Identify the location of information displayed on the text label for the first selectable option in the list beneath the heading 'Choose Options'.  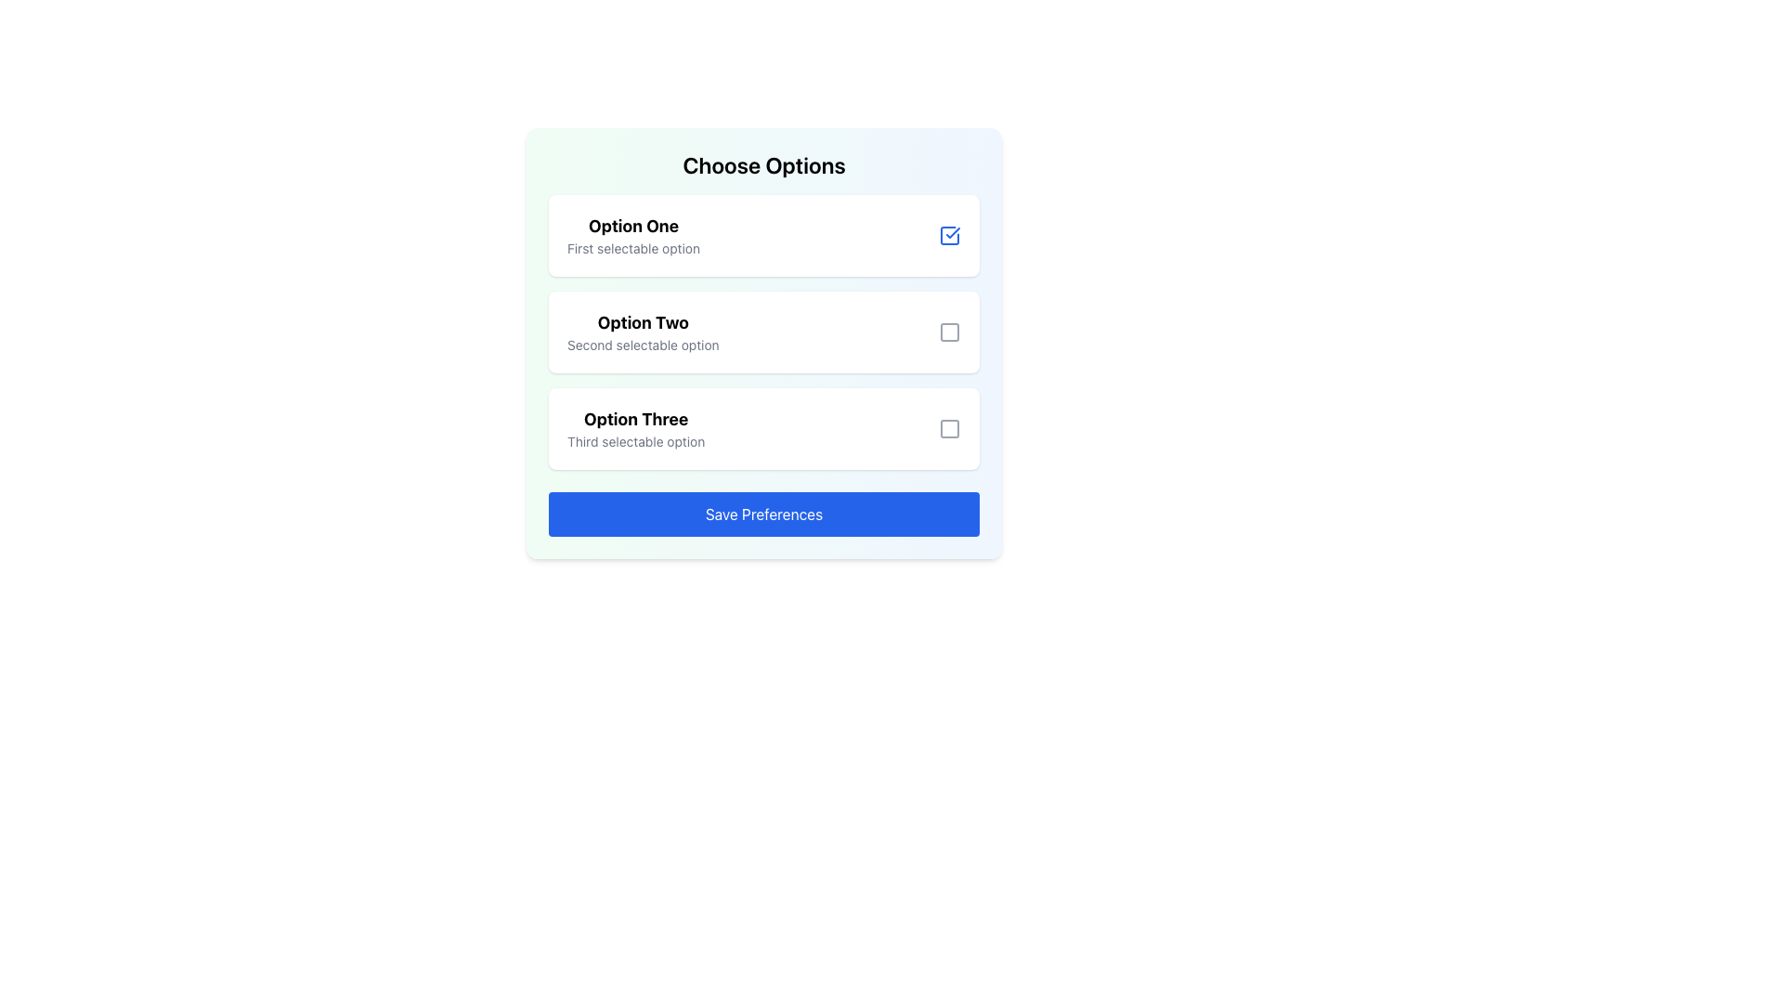
(633, 235).